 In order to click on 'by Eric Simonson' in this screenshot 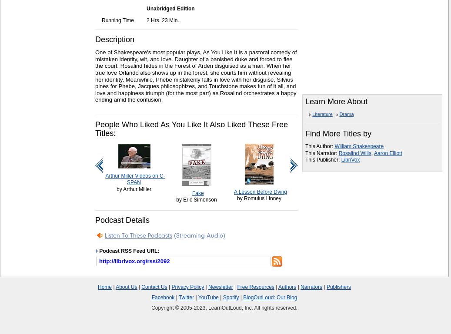, I will do `click(175, 200)`.